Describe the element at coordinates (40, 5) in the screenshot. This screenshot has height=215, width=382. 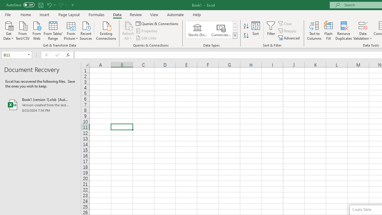
I see `'Quick Access Toolbar'` at that location.